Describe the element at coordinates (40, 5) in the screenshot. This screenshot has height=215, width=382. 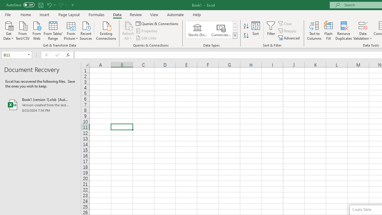
I see `'Quick Access Toolbar'` at that location.